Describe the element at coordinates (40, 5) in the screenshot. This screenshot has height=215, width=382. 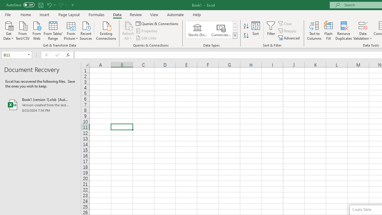
I see `'Quick Access Toolbar'` at that location.